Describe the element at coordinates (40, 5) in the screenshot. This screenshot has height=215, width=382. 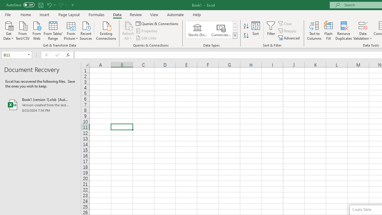
I see `'Quick Access Toolbar'` at that location.